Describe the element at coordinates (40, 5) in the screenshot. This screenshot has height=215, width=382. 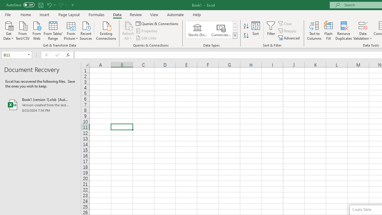
I see `'Quick Access Toolbar'` at that location.